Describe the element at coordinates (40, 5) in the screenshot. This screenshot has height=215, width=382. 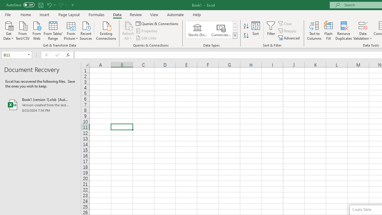
I see `'Quick Access Toolbar'` at that location.